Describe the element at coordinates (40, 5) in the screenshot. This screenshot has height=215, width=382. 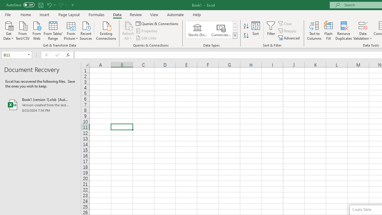
I see `'Quick Access Toolbar'` at that location.